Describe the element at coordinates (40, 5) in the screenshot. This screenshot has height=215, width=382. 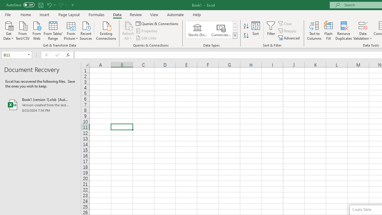
I see `'Quick Access Toolbar'` at that location.